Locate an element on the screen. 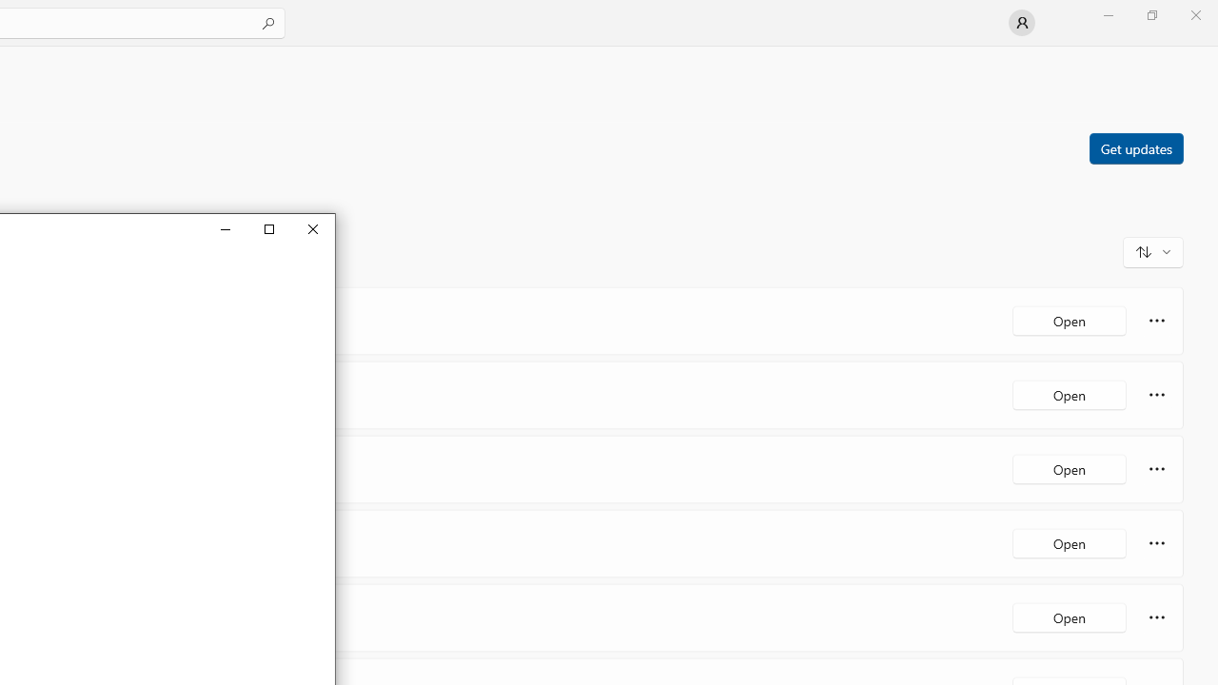  'Minimize Realtek Audio Console' is located at coordinates (225, 227).